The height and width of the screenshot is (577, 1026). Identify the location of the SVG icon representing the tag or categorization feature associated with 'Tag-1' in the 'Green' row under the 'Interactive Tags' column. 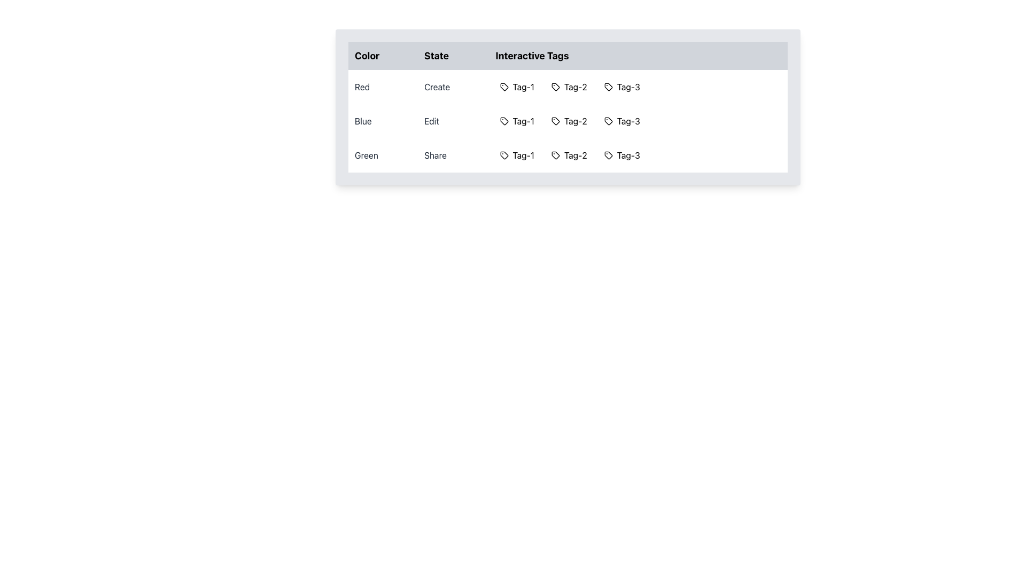
(503, 155).